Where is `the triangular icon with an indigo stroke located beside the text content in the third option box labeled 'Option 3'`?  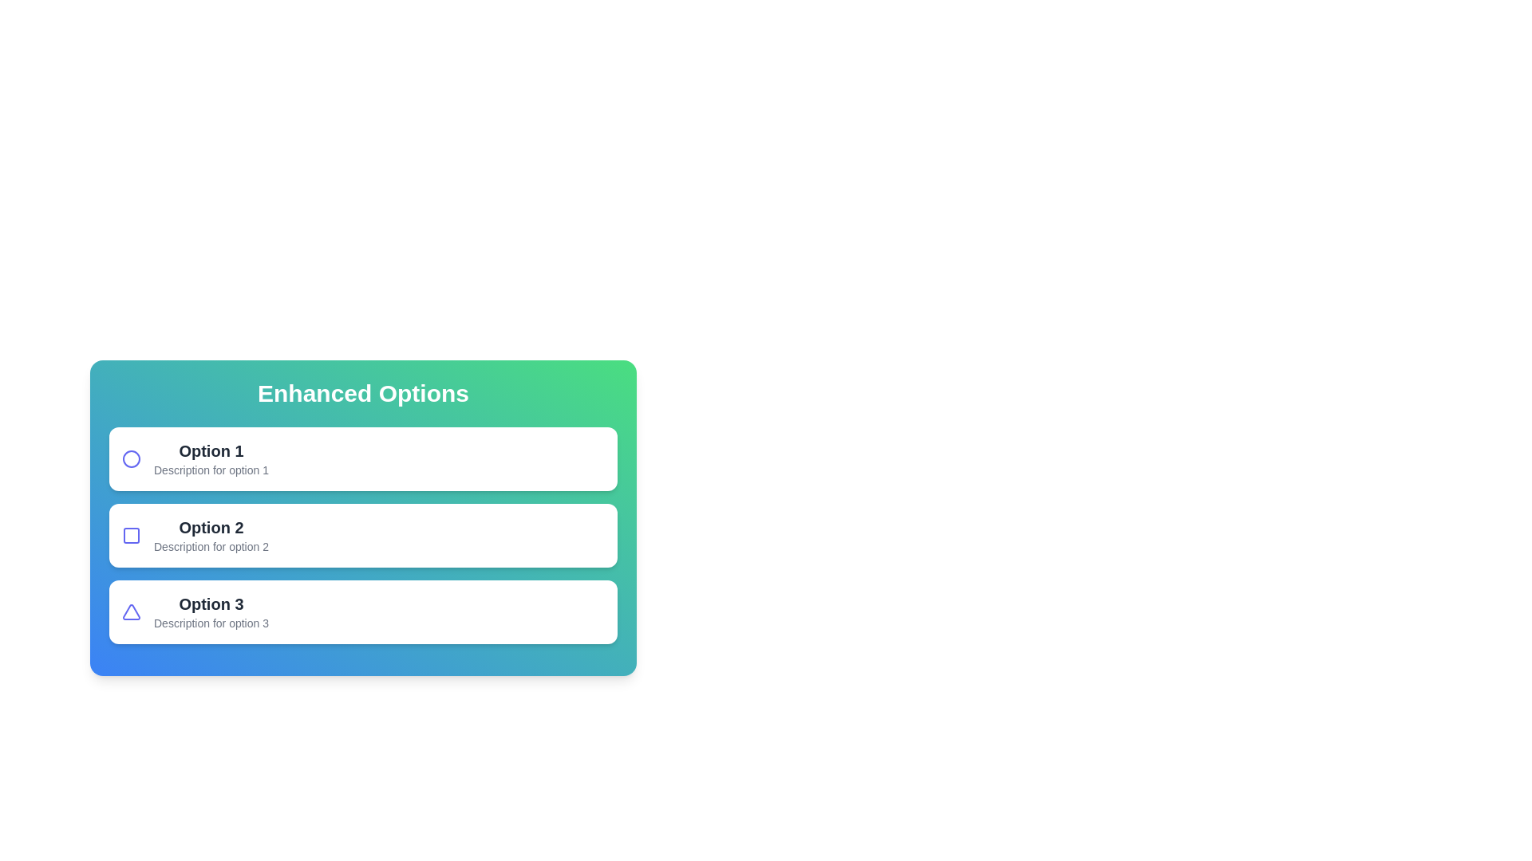 the triangular icon with an indigo stroke located beside the text content in the third option box labeled 'Option 3' is located at coordinates (131, 611).